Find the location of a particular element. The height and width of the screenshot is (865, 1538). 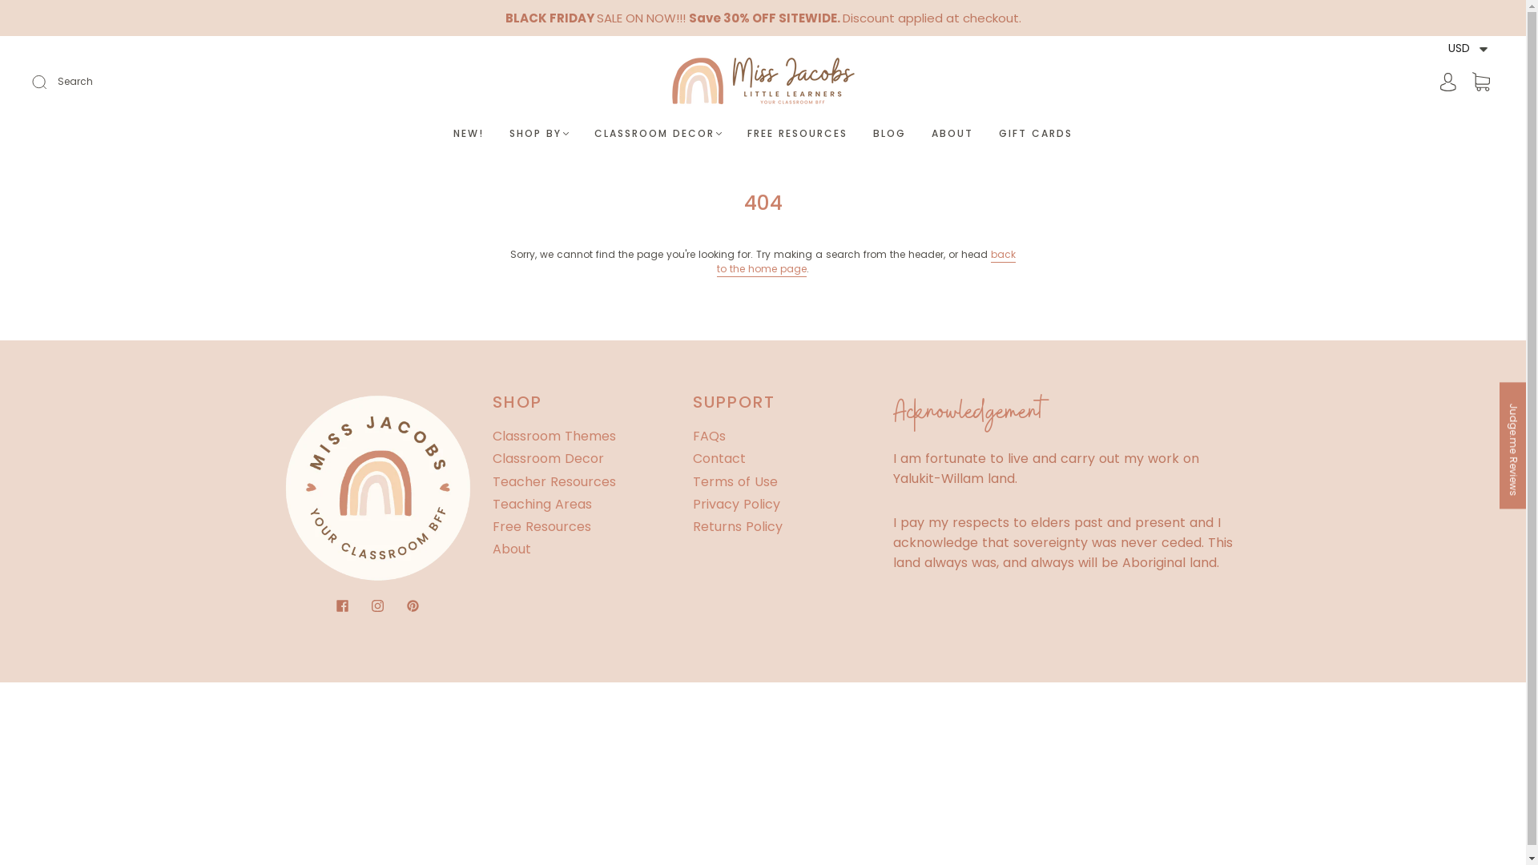

'ABOUT' is located at coordinates (931, 132).